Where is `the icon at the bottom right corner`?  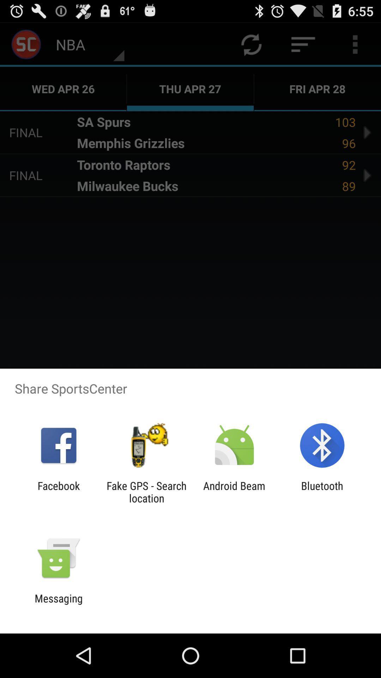 the icon at the bottom right corner is located at coordinates (322, 492).